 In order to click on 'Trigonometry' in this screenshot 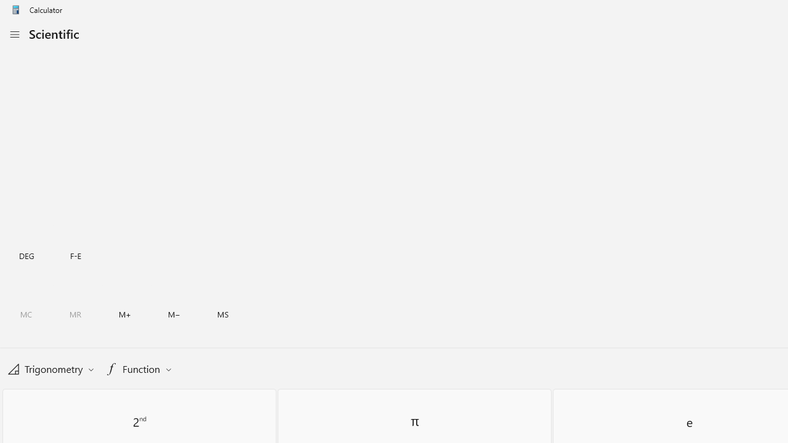, I will do `click(50, 368)`.